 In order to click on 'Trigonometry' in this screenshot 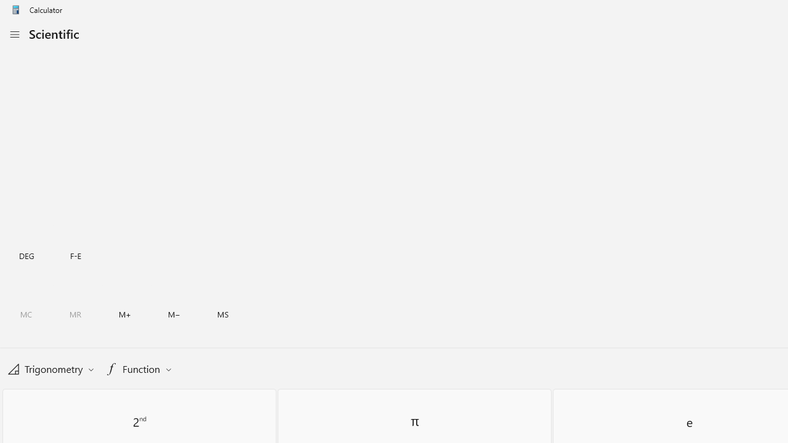, I will do `click(50, 368)`.